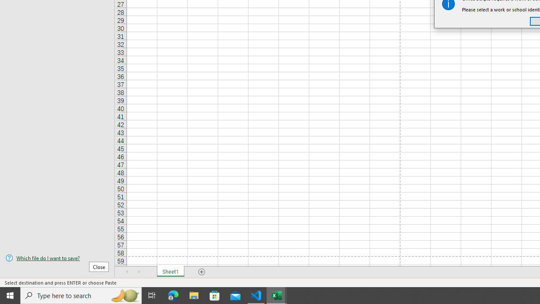 The image size is (540, 304). What do you see at coordinates (151, 295) in the screenshot?
I see `'Task View'` at bounding box center [151, 295].